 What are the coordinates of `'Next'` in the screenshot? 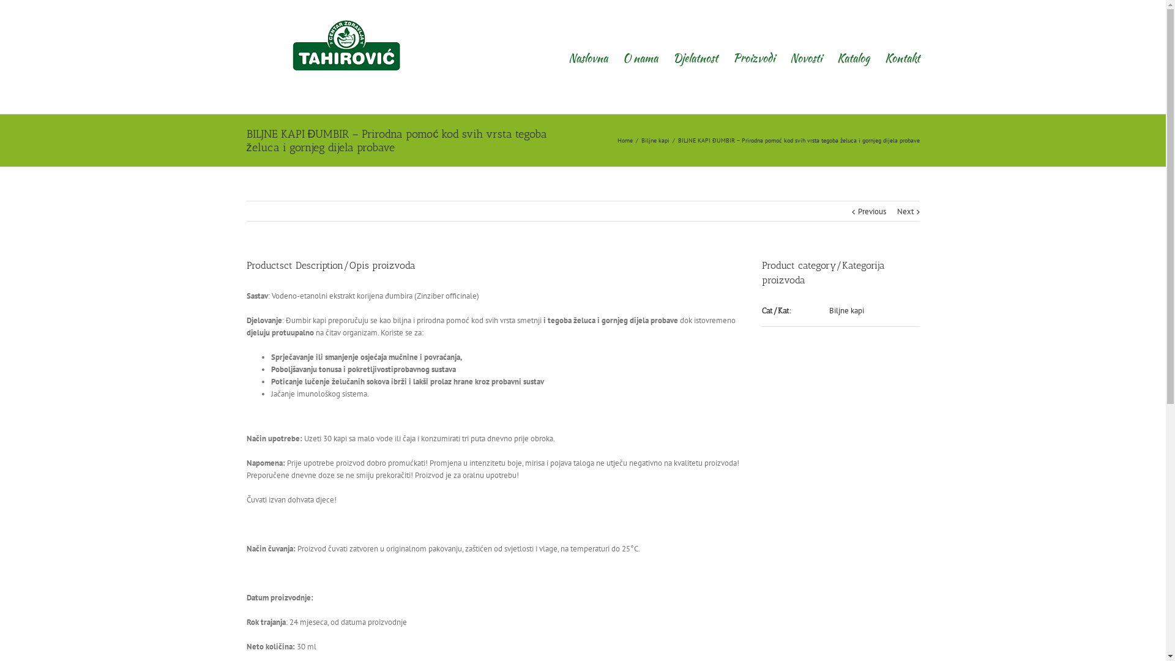 It's located at (905, 211).